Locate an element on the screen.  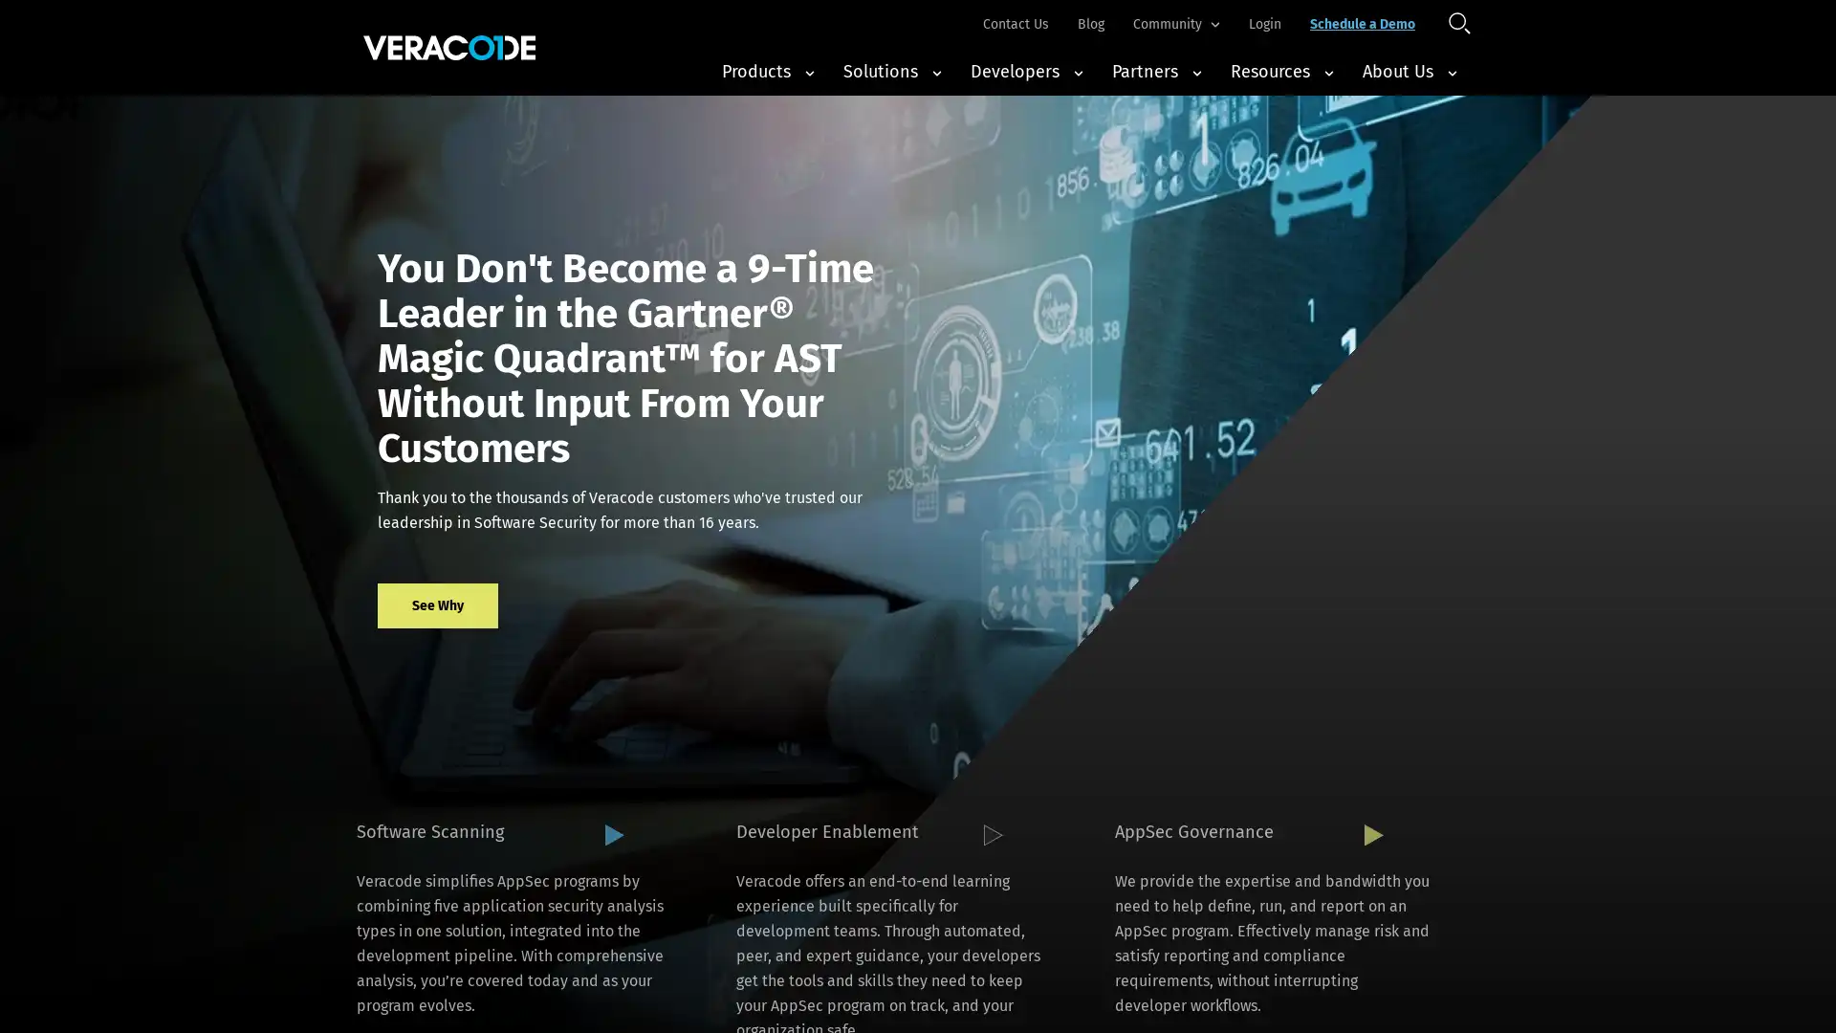
Accept All Cookies is located at coordinates (1407, 960).